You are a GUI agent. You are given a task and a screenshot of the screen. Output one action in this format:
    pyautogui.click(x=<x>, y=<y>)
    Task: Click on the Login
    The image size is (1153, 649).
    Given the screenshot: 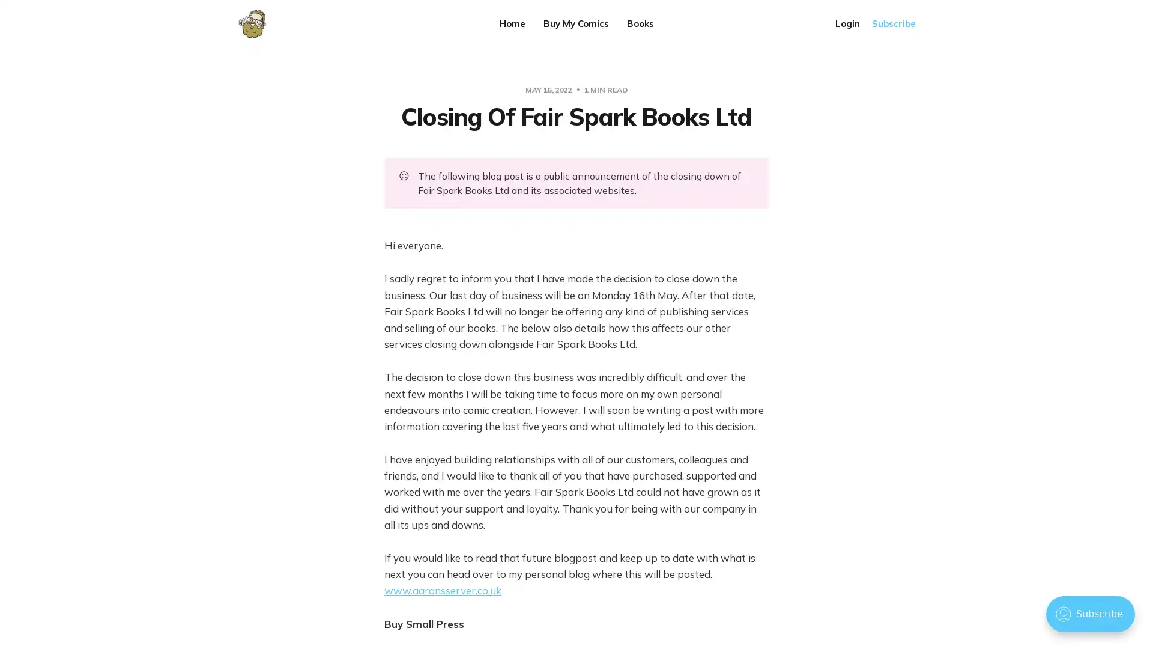 What is the action you would take?
    pyautogui.click(x=847, y=23)
    